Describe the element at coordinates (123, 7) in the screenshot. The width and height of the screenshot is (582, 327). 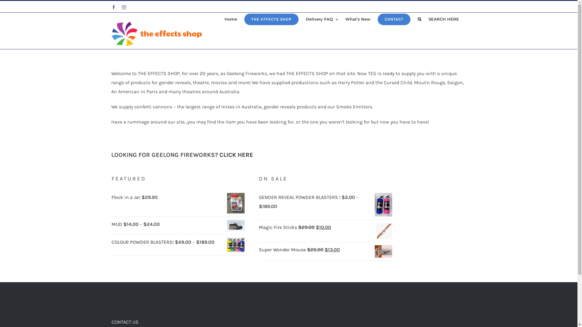
I see `'Instagram'` at that location.